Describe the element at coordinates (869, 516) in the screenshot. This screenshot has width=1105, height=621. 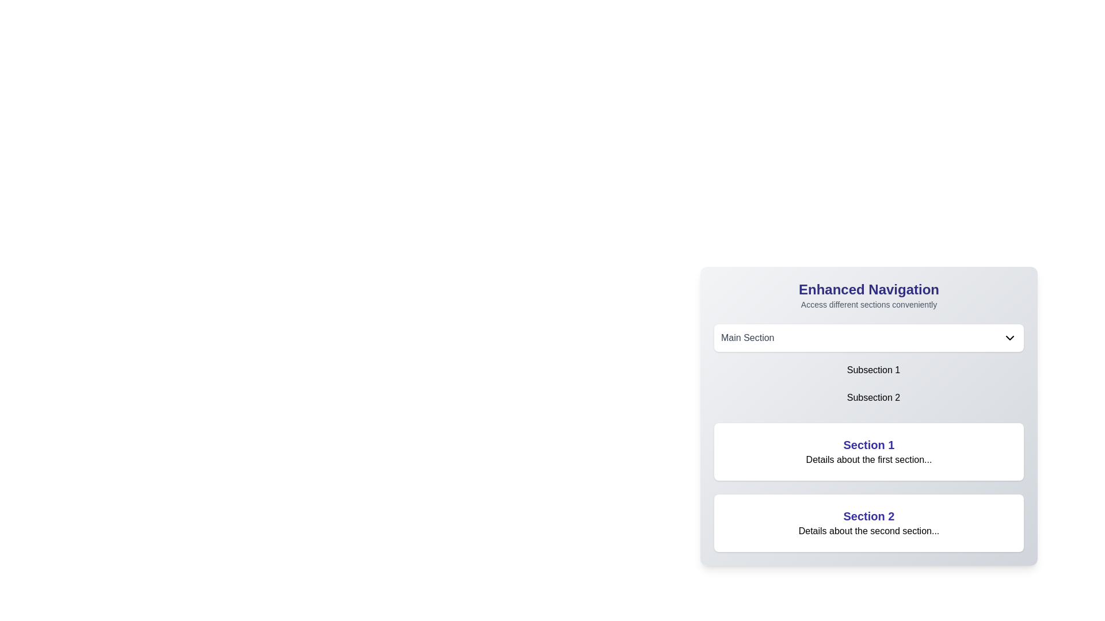
I see `text heading element labeled 'Section 2', which is styled in bold and indigo color, located in the bottom section of a card` at that location.